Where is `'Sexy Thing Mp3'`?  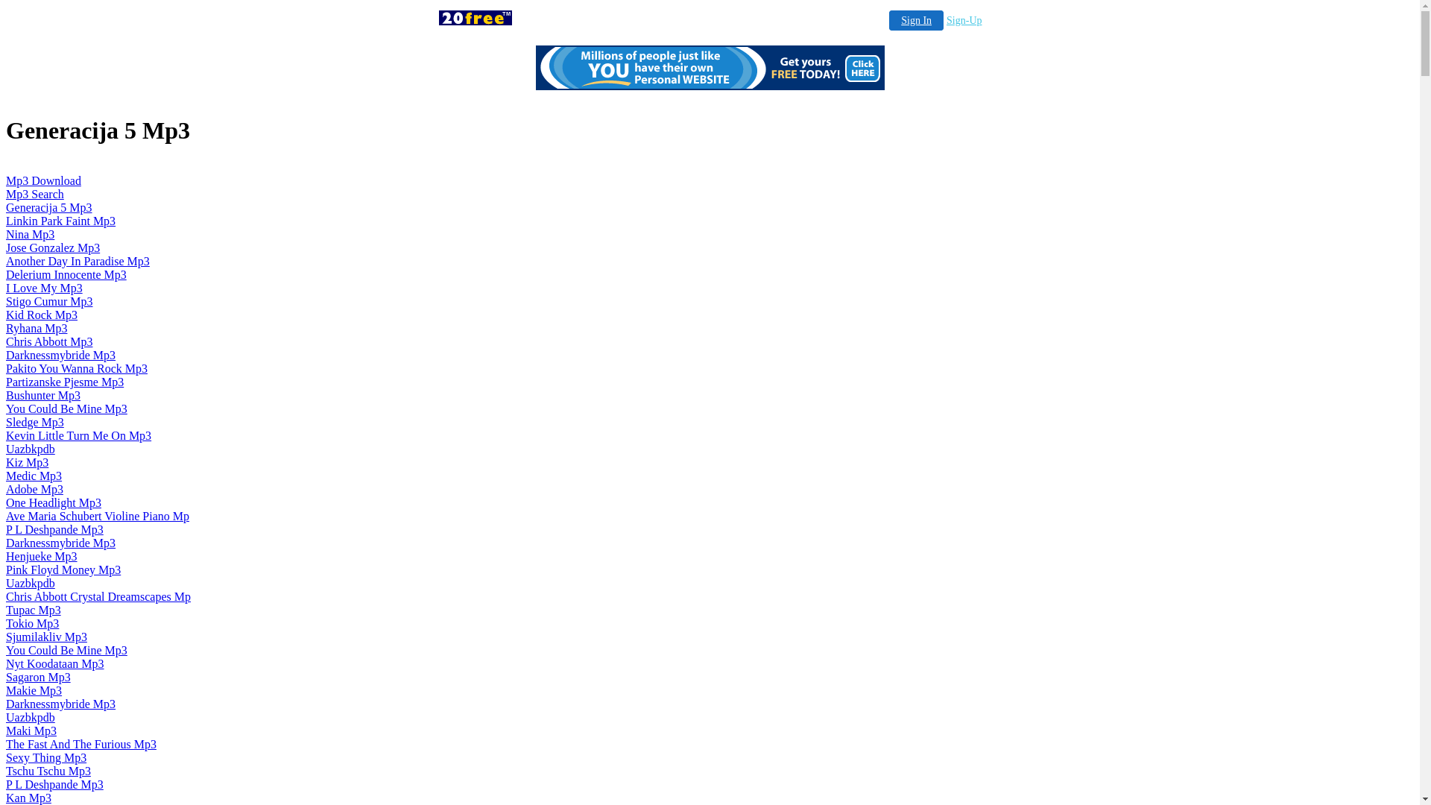
'Sexy Thing Mp3' is located at coordinates (46, 757).